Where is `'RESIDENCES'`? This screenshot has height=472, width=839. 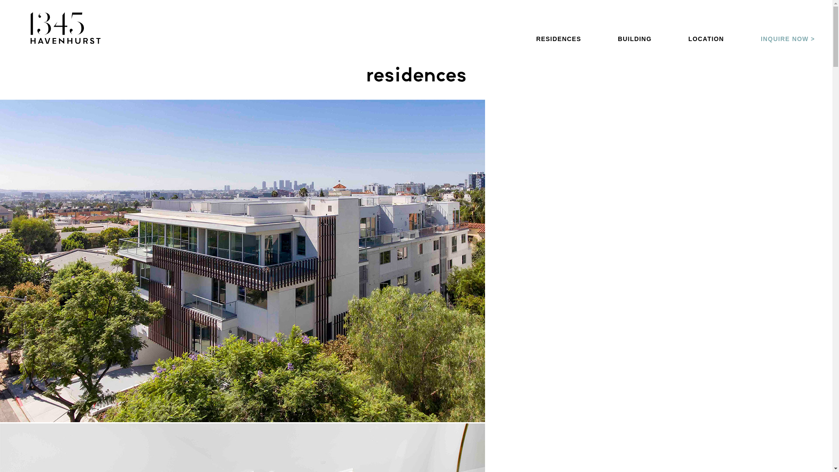
'RESIDENCES' is located at coordinates (558, 38).